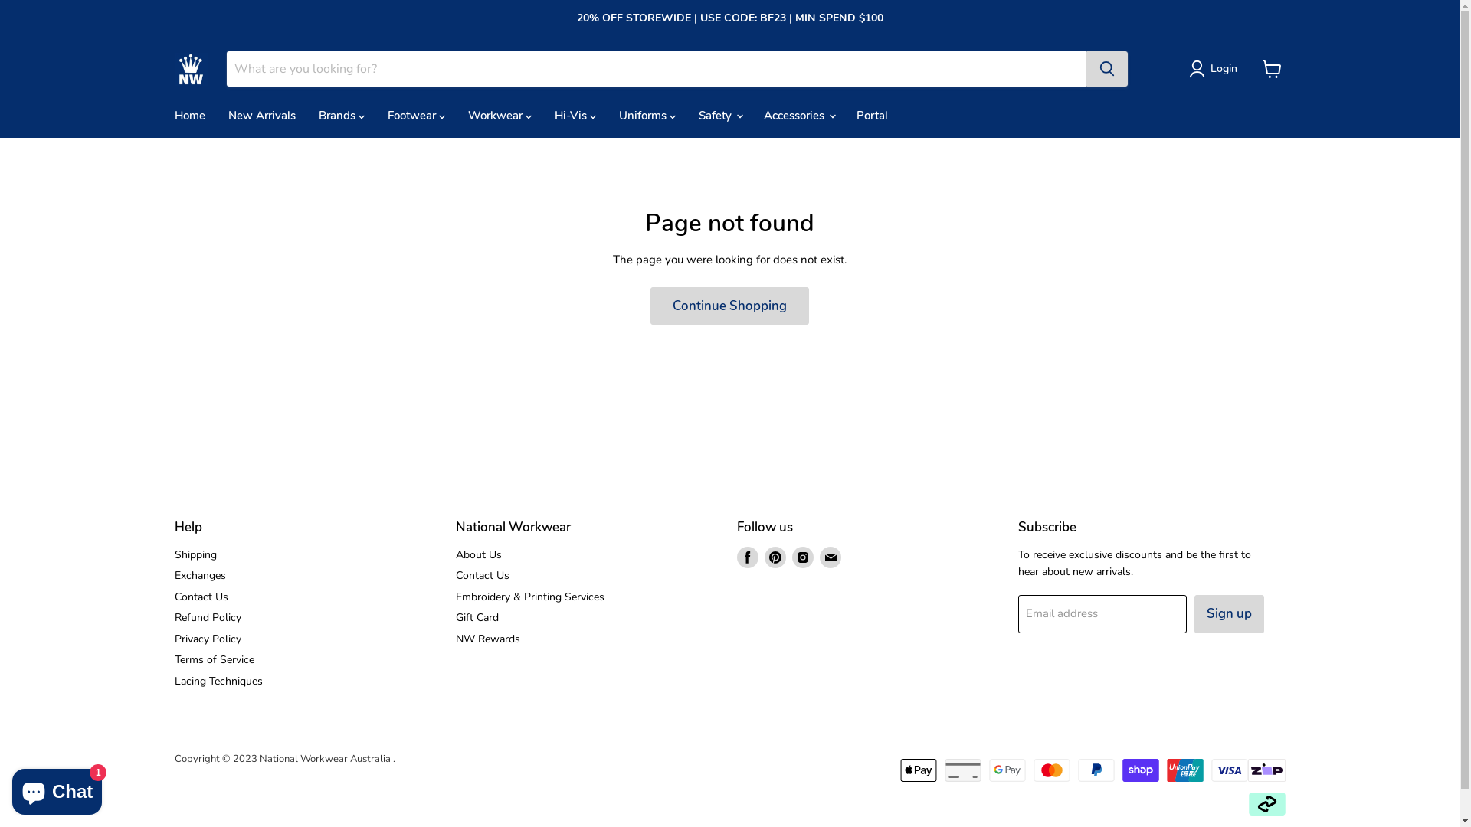  What do you see at coordinates (260, 115) in the screenshot?
I see `'New Arrivals'` at bounding box center [260, 115].